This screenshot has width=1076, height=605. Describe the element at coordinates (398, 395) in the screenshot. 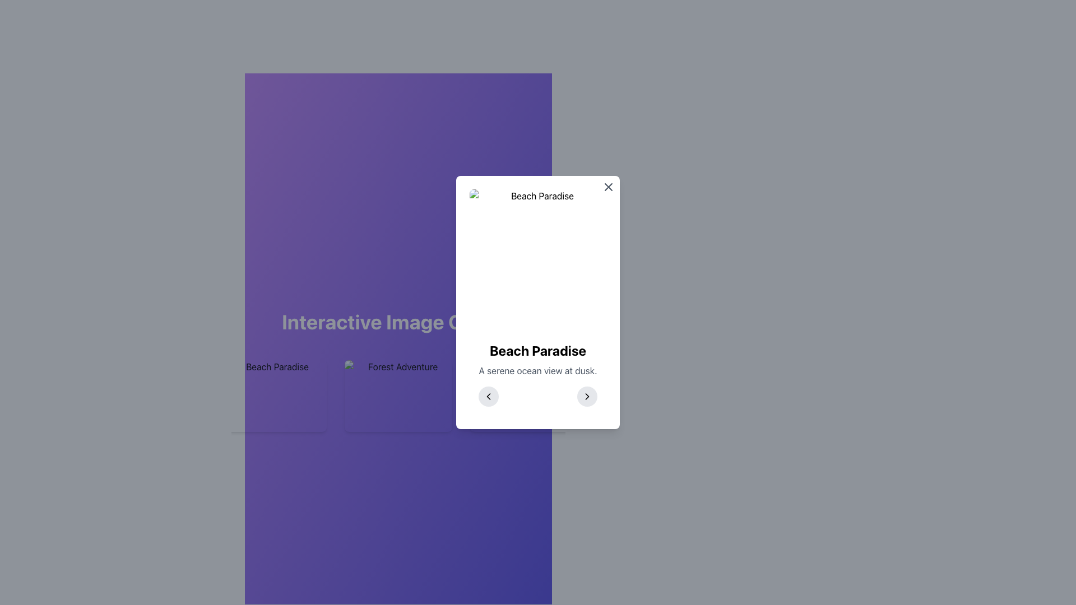

I see `the second interactive card in the horizontal arrangement of three cards, which has a dark purple background and a soft shadow` at that location.